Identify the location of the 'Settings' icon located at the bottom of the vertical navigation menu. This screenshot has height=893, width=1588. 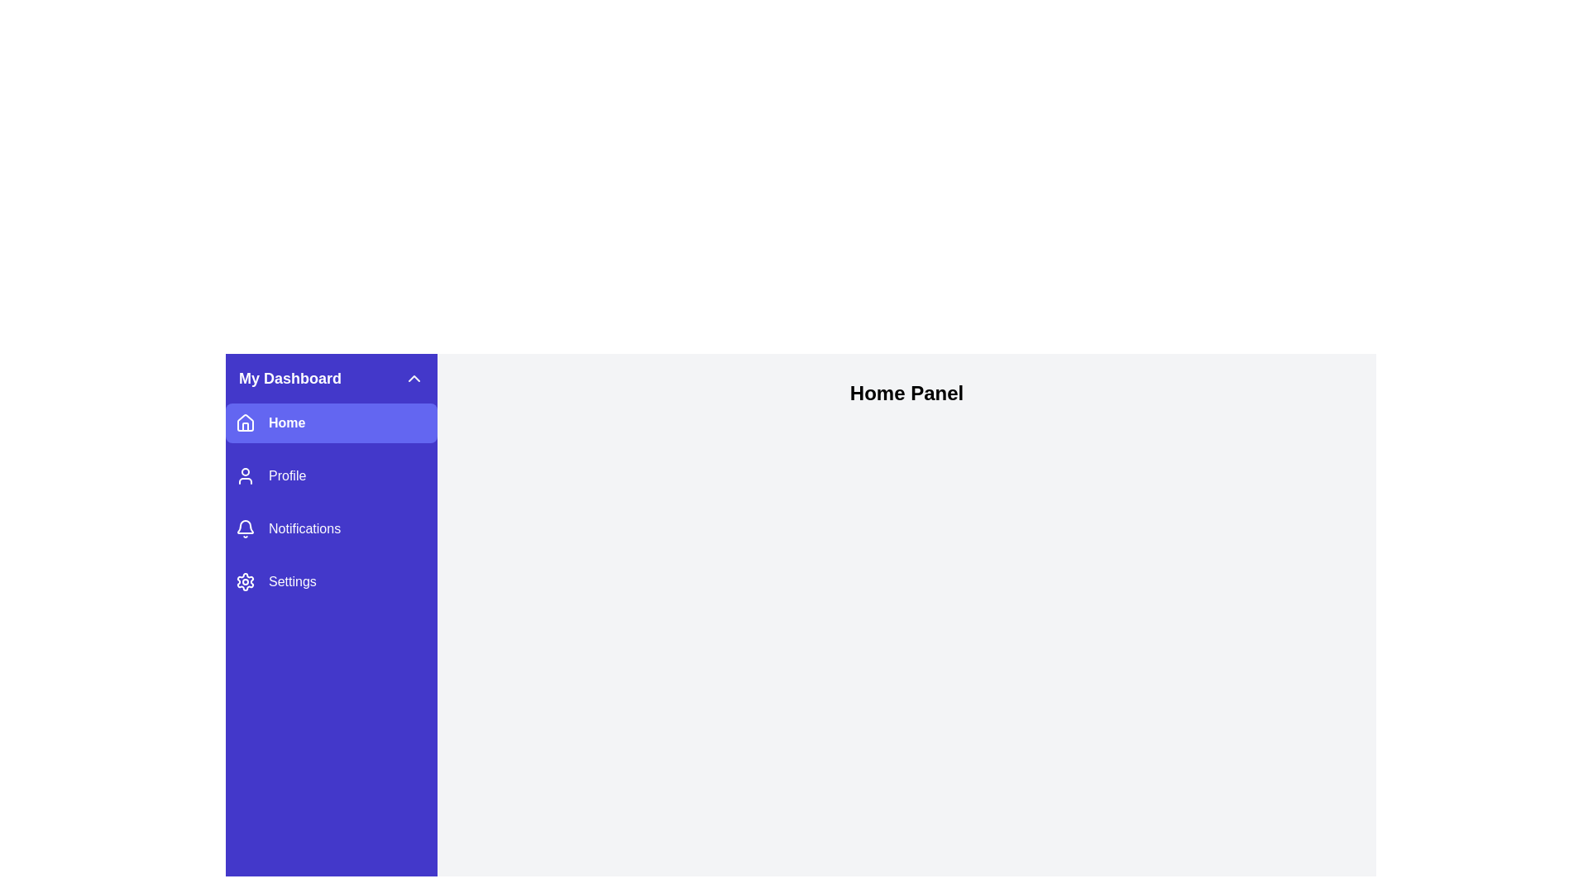
(245, 581).